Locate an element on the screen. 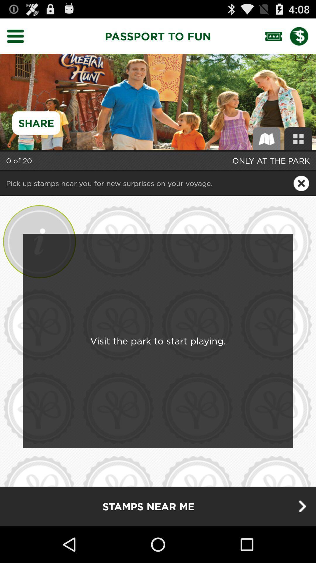 The width and height of the screenshot is (316, 563). the book icon is located at coordinates (267, 148).